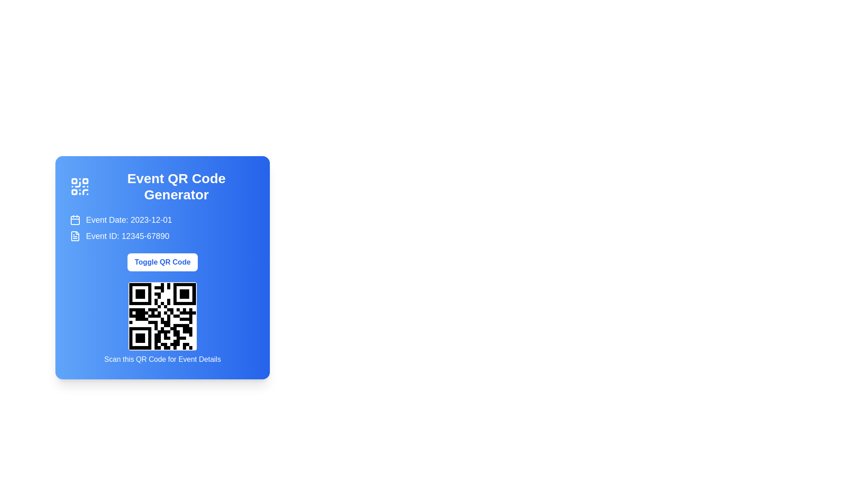 The height and width of the screenshot is (486, 865). I want to click on the second small square at the top-right corner of the QR code icon, located near the header text 'Event QR Code Generator', so click(86, 181).